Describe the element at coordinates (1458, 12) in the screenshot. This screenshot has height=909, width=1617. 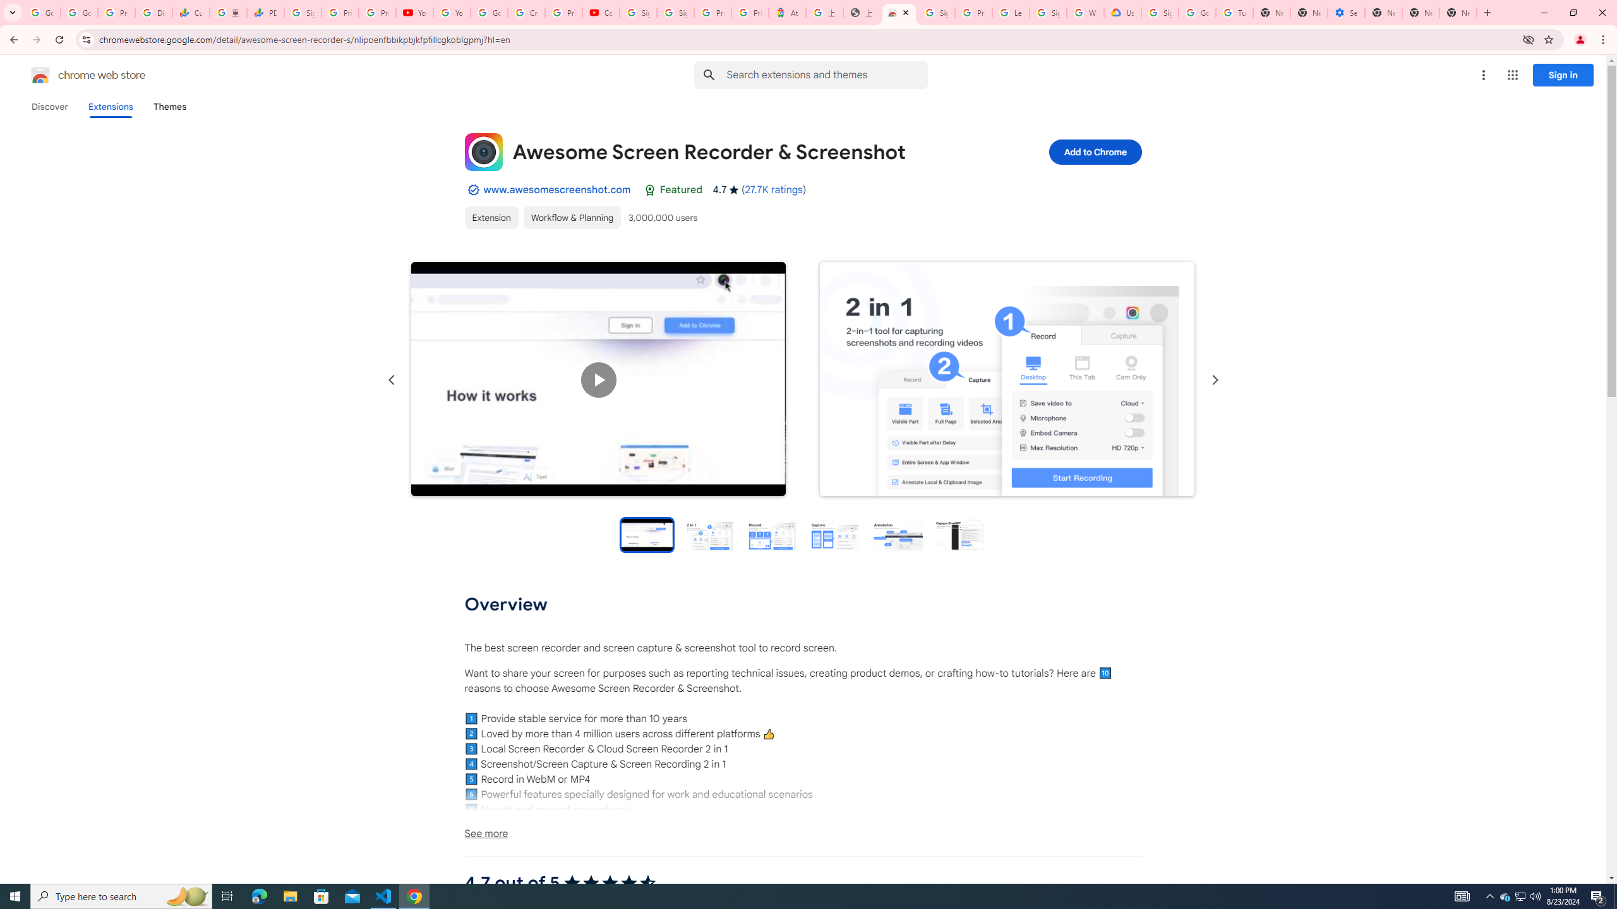
I see `'New Tab'` at that location.